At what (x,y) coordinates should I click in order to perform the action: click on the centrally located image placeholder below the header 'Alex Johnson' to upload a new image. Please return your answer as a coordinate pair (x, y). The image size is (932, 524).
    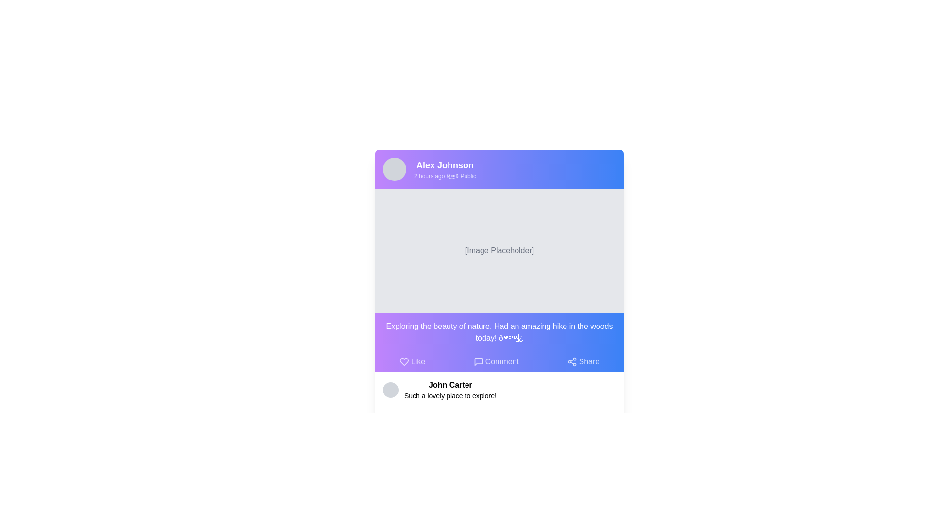
    Looking at the image, I should click on (499, 250).